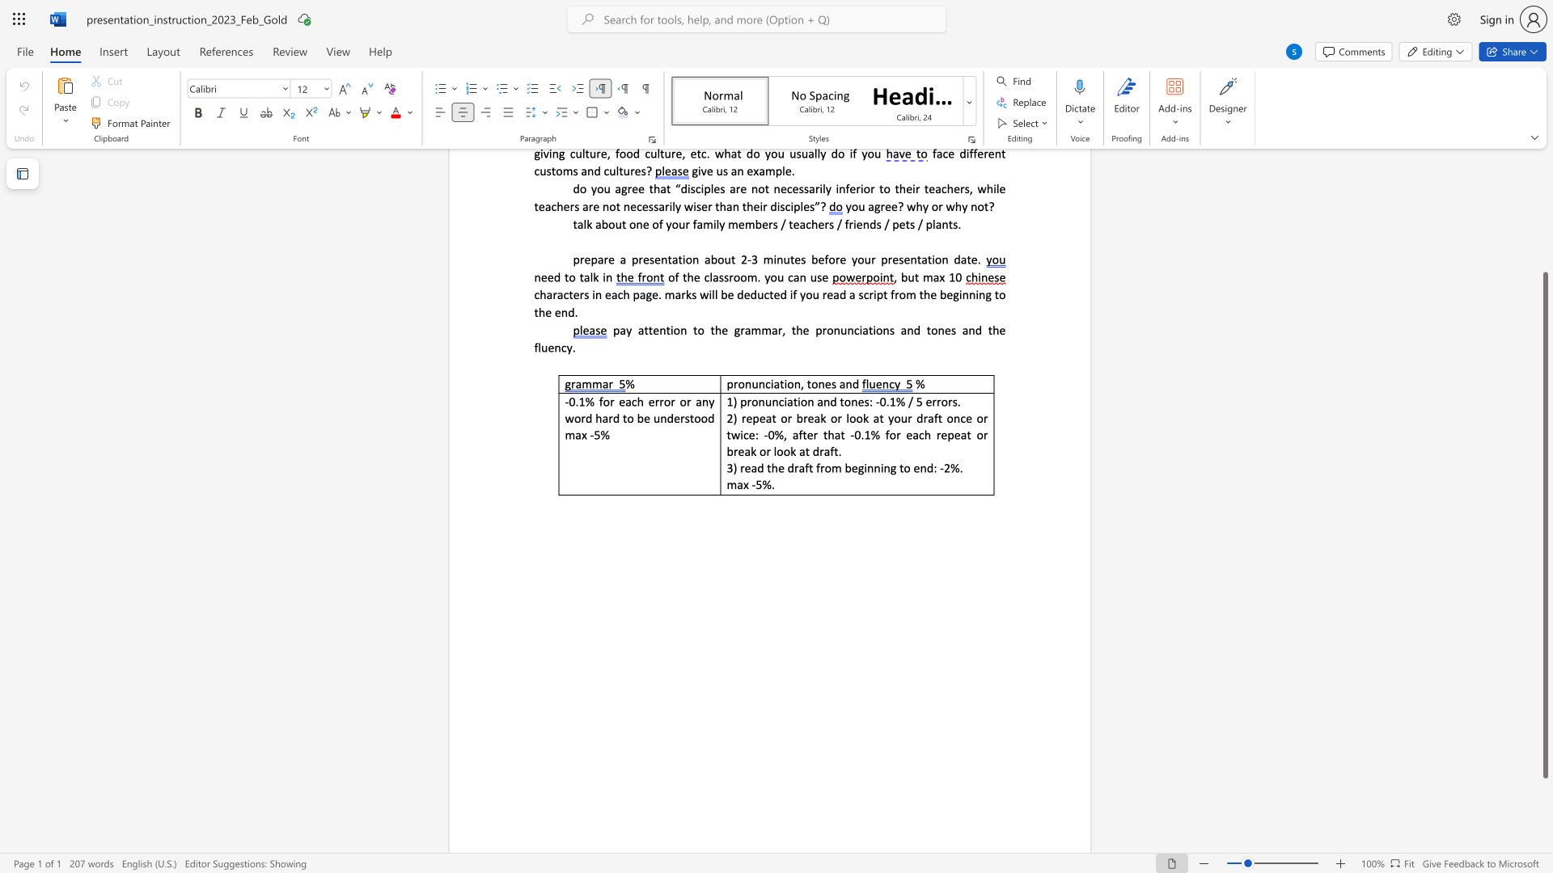 This screenshot has width=1553, height=873. What do you see at coordinates (1544, 525) in the screenshot?
I see `the scrollbar and move up 90 pixels` at bounding box center [1544, 525].